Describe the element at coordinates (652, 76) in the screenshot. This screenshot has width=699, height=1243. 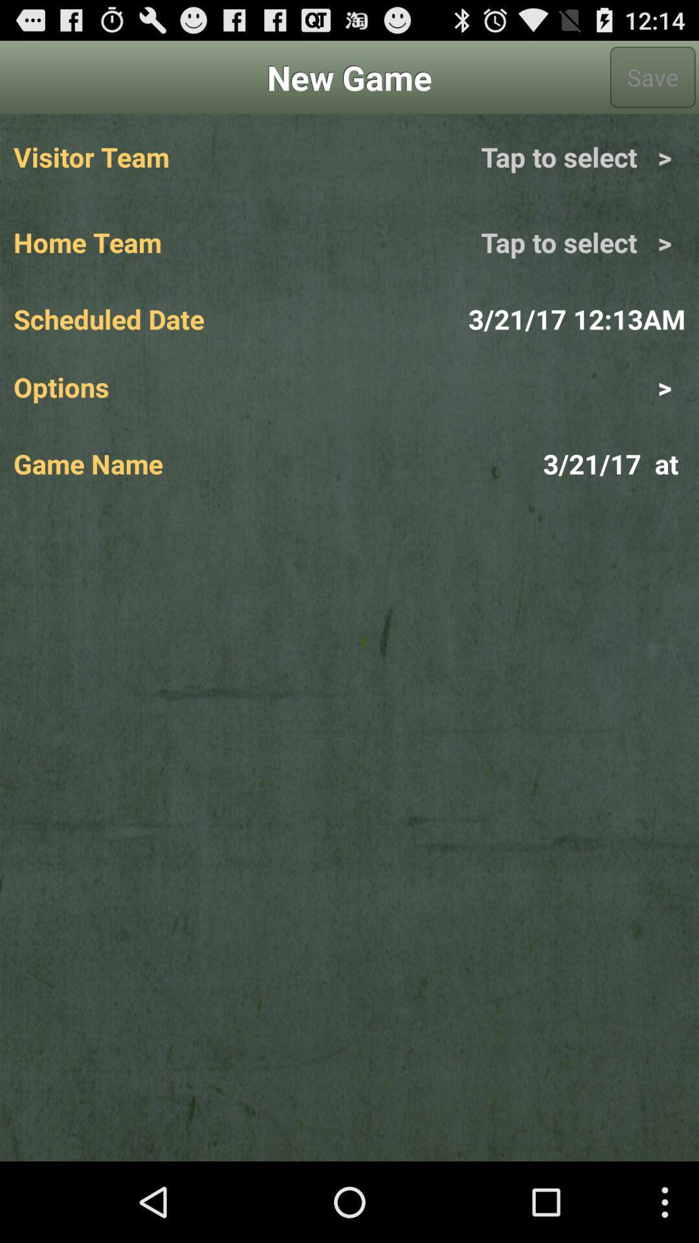
I see `the save` at that location.